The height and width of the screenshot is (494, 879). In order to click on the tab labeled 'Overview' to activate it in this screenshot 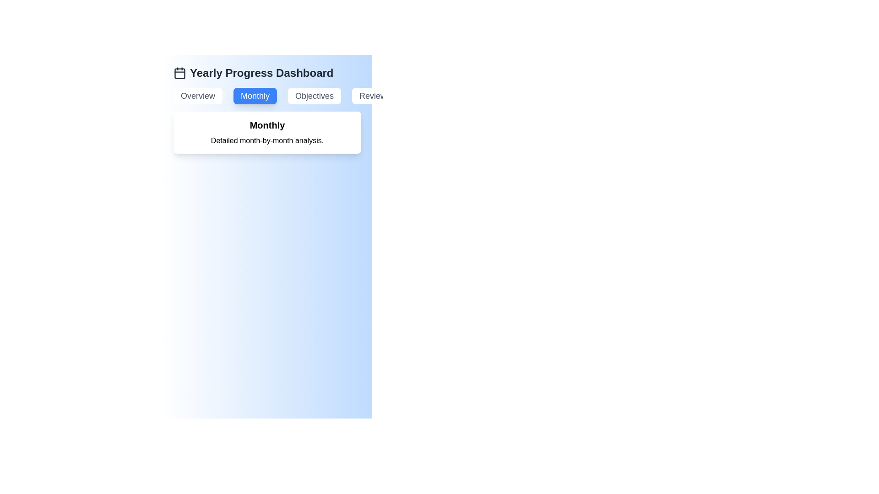, I will do `click(197, 96)`.